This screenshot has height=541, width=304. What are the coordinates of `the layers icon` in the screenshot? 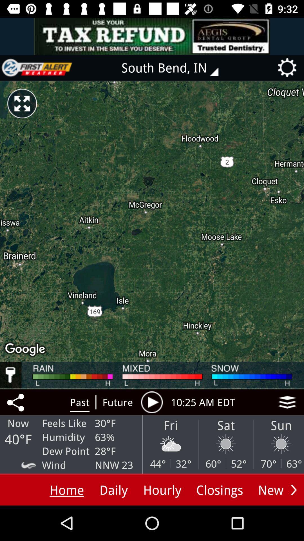 It's located at (287, 402).